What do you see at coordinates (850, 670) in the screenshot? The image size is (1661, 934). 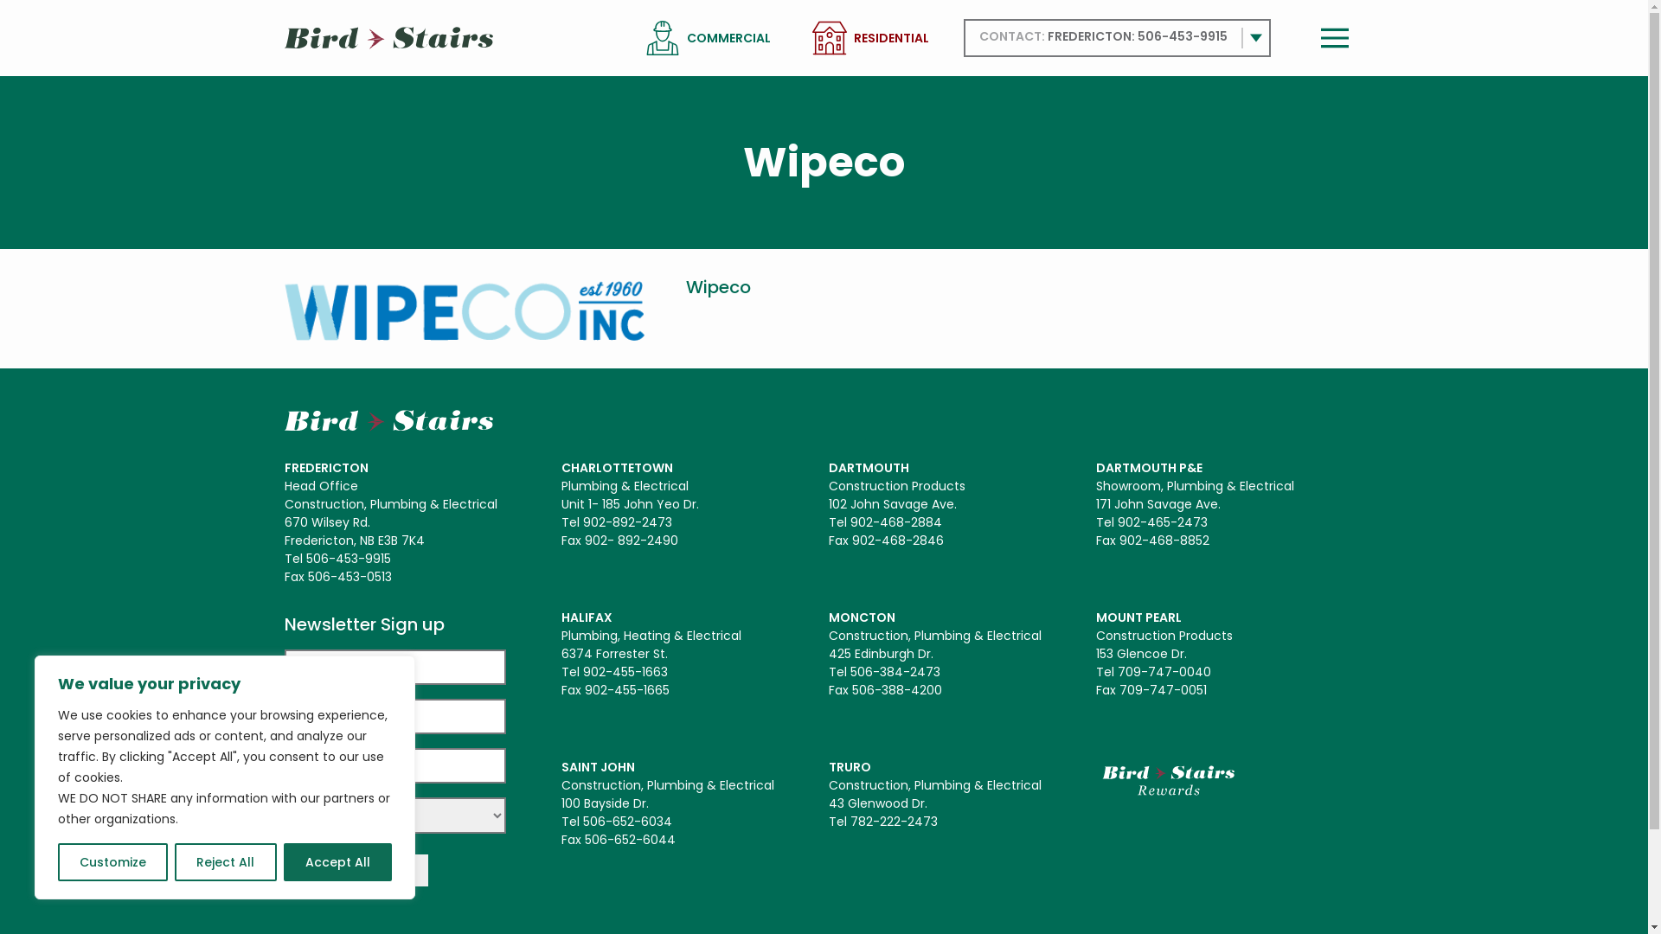 I see `'506-384-2473'` at bounding box center [850, 670].